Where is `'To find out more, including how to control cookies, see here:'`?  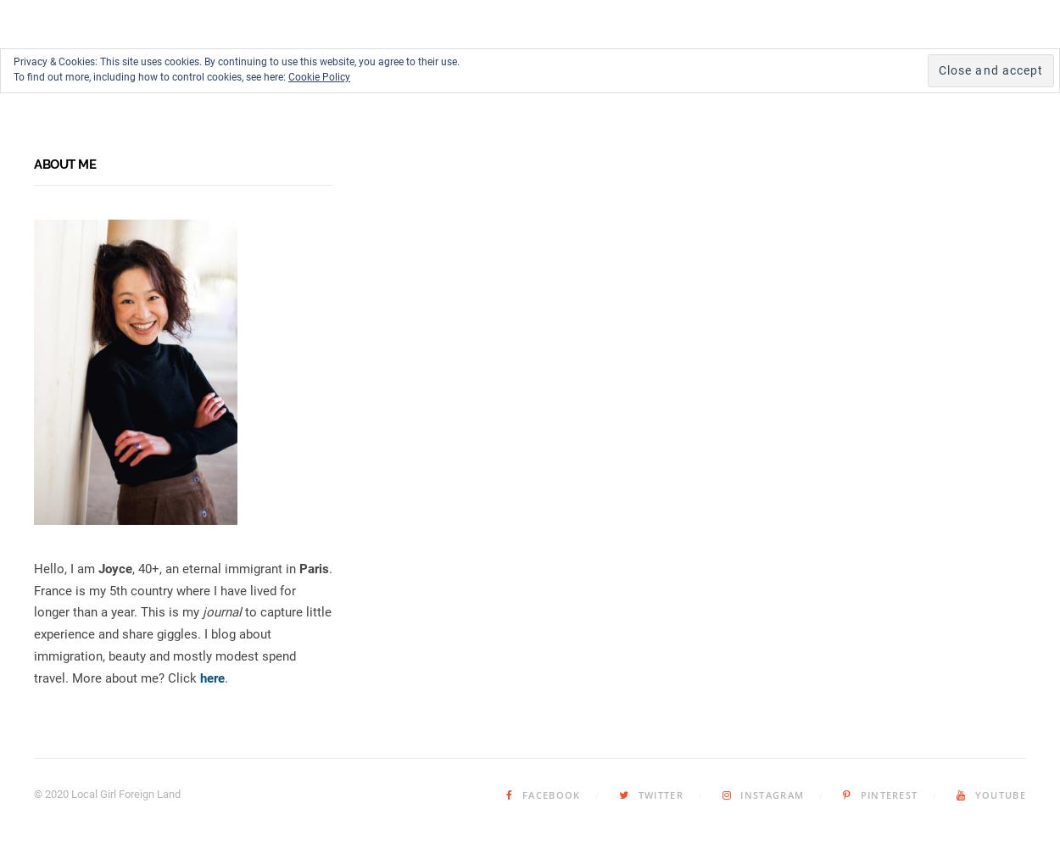
'To find out more, including how to control cookies, see here:' is located at coordinates (151, 75).